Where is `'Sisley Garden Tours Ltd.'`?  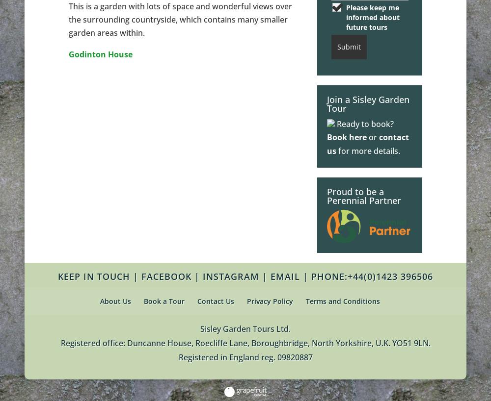 'Sisley Garden Tours Ltd.' is located at coordinates (200, 329).